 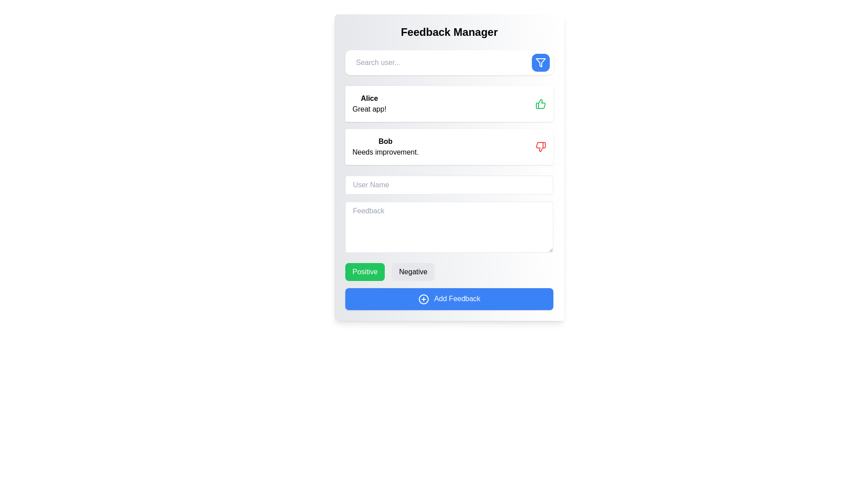 I want to click on the static text block displaying the username 'Alice' and the comment 'Great app!' in the feedback area, which is the top entry in the listing, so click(x=369, y=103).